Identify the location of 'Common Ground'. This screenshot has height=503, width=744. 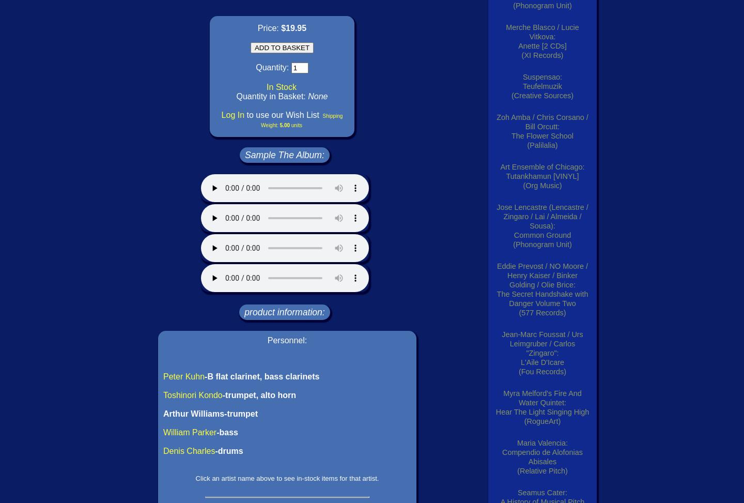
(542, 235).